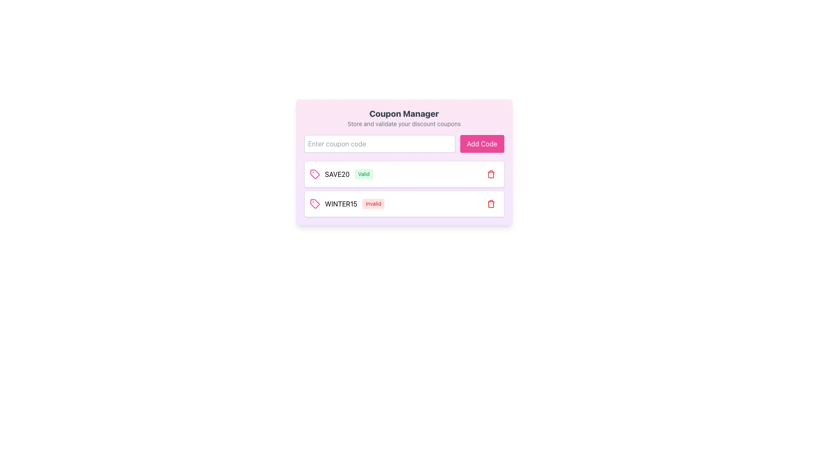 The image size is (813, 457). I want to click on the static text element displaying the coupon code 'SAVE20', which is prominently styled and located between a tag icon and a 'Valid' label, so click(337, 174).